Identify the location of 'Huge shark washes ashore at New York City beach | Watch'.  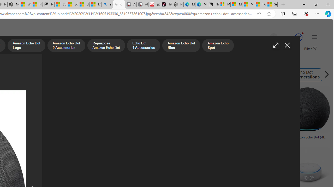
(36, 4).